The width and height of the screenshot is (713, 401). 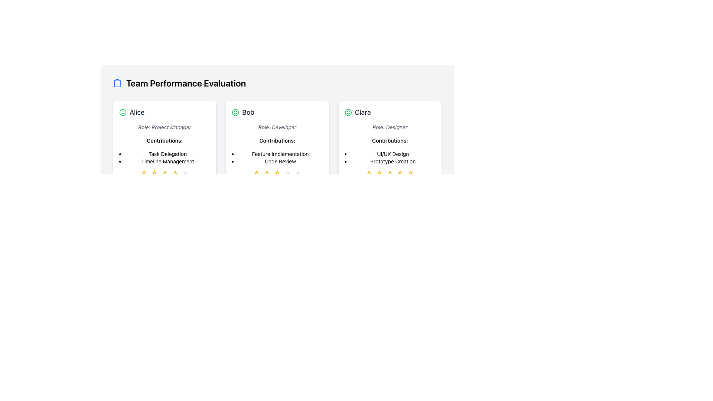 I want to click on the third star button in the rating row for the card labeled 'Bob', so click(x=277, y=175).